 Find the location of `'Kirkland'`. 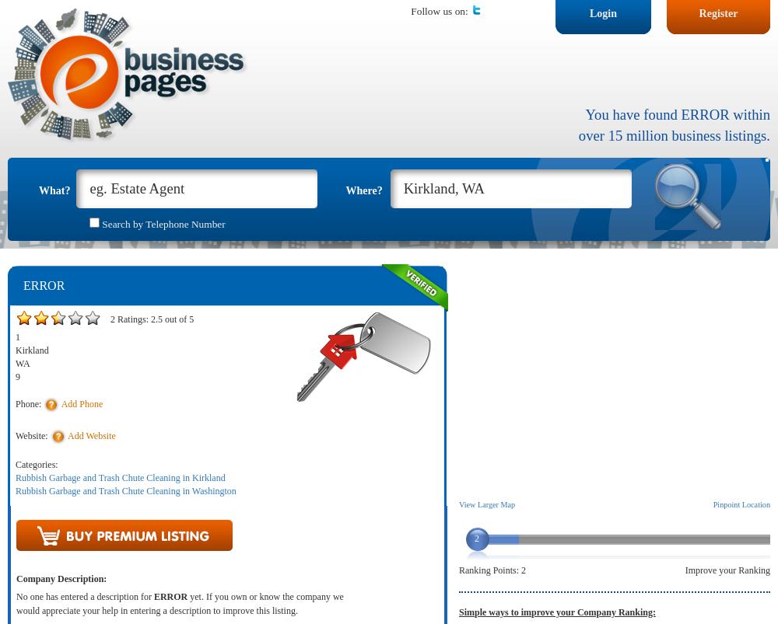

'Kirkland' is located at coordinates (16, 350).